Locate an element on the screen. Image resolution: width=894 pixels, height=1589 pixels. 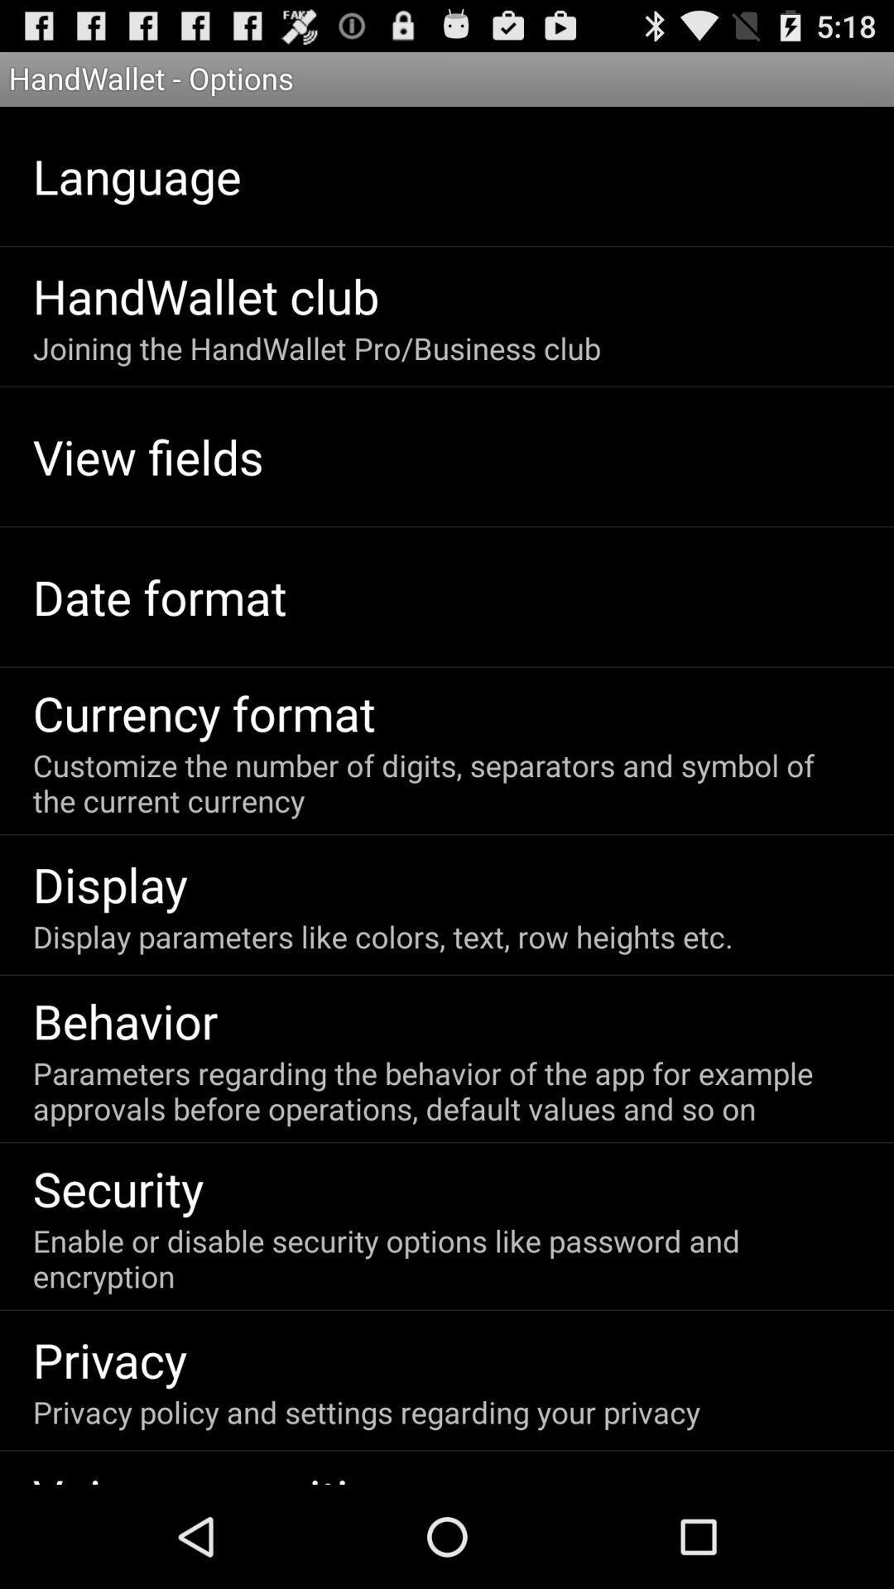
item above security app is located at coordinates (445, 1091).